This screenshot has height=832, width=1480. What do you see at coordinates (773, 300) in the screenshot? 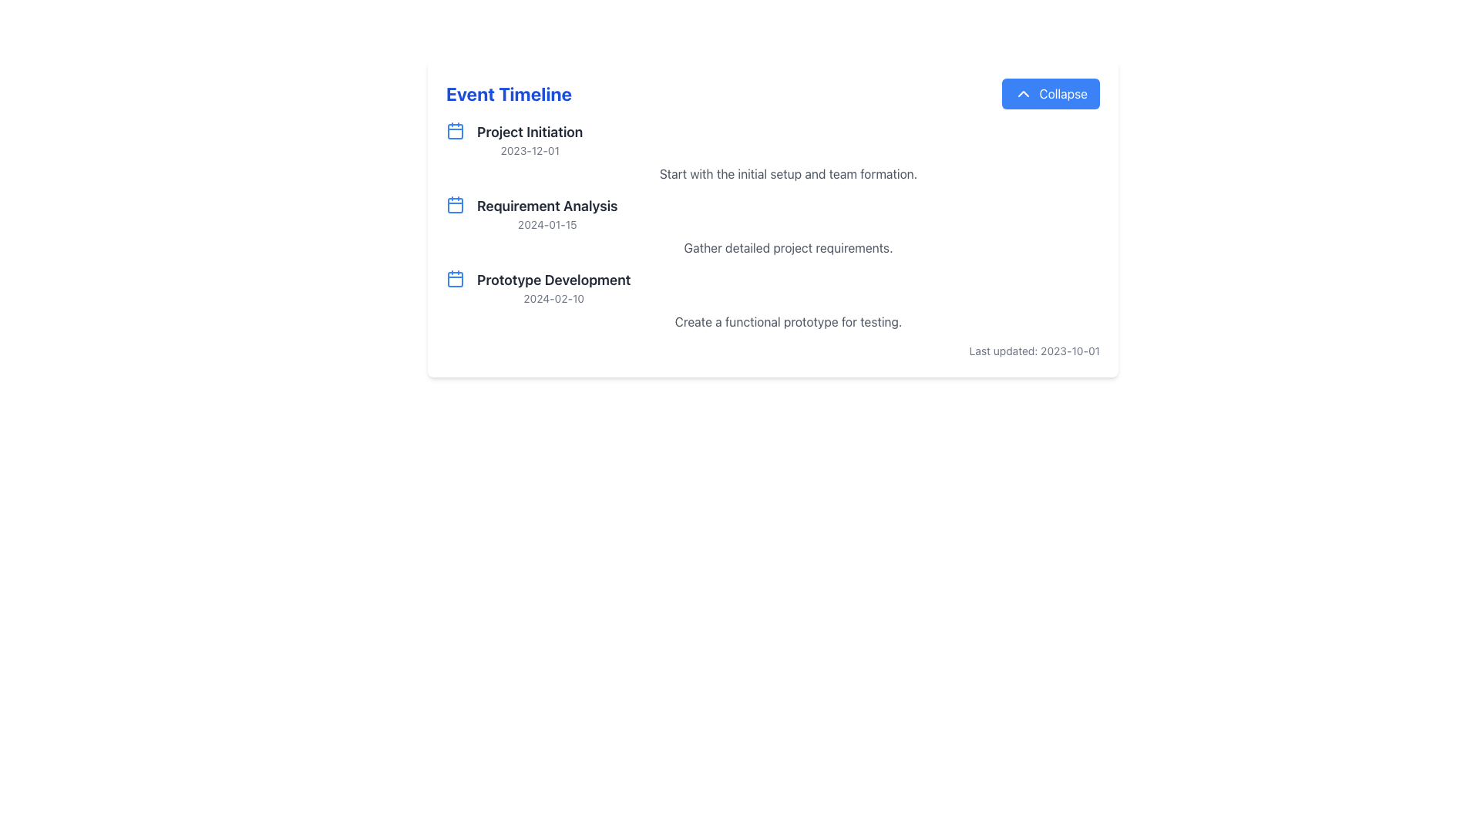
I see `the 'Prototype Development' milestone entry in the Event Timeline, which includes a bold title, a subtitle with a date, and a description` at bounding box center [773, 300].